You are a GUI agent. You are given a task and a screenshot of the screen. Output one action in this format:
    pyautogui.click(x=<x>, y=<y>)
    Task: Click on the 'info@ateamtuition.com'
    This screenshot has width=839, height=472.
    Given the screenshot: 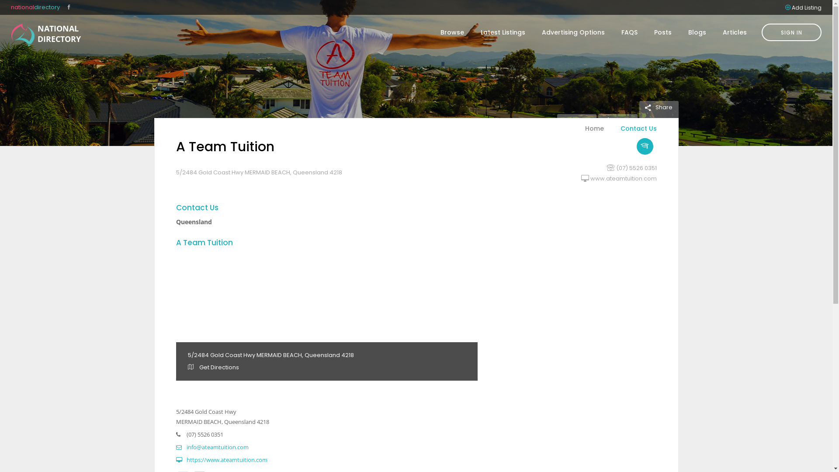 What is the action you would take?
    pyautogui.click(x=211, y=447)
    